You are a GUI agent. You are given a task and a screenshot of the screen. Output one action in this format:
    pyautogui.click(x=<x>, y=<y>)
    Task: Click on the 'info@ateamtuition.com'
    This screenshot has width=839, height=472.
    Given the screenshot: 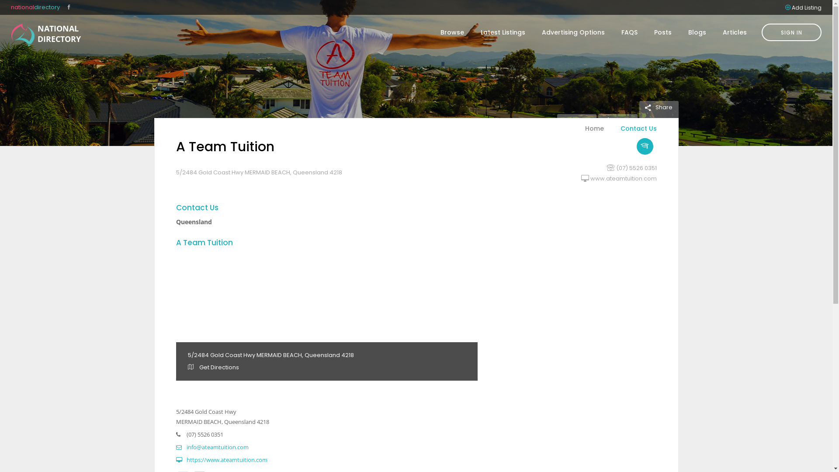 What is the action you would take?
    pyautogui.click(x=211, y=447)
    